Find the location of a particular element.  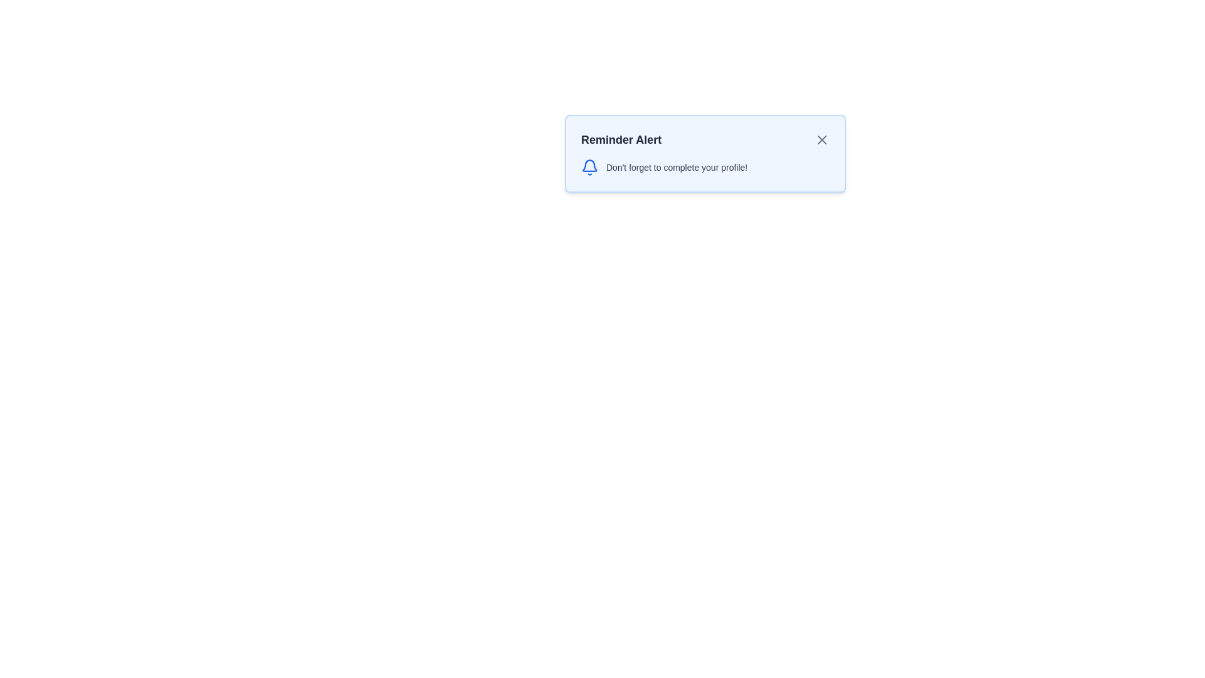

the small 'X' icon button in the top-right corner of the blue notification box is located at coordinates (822, 140).